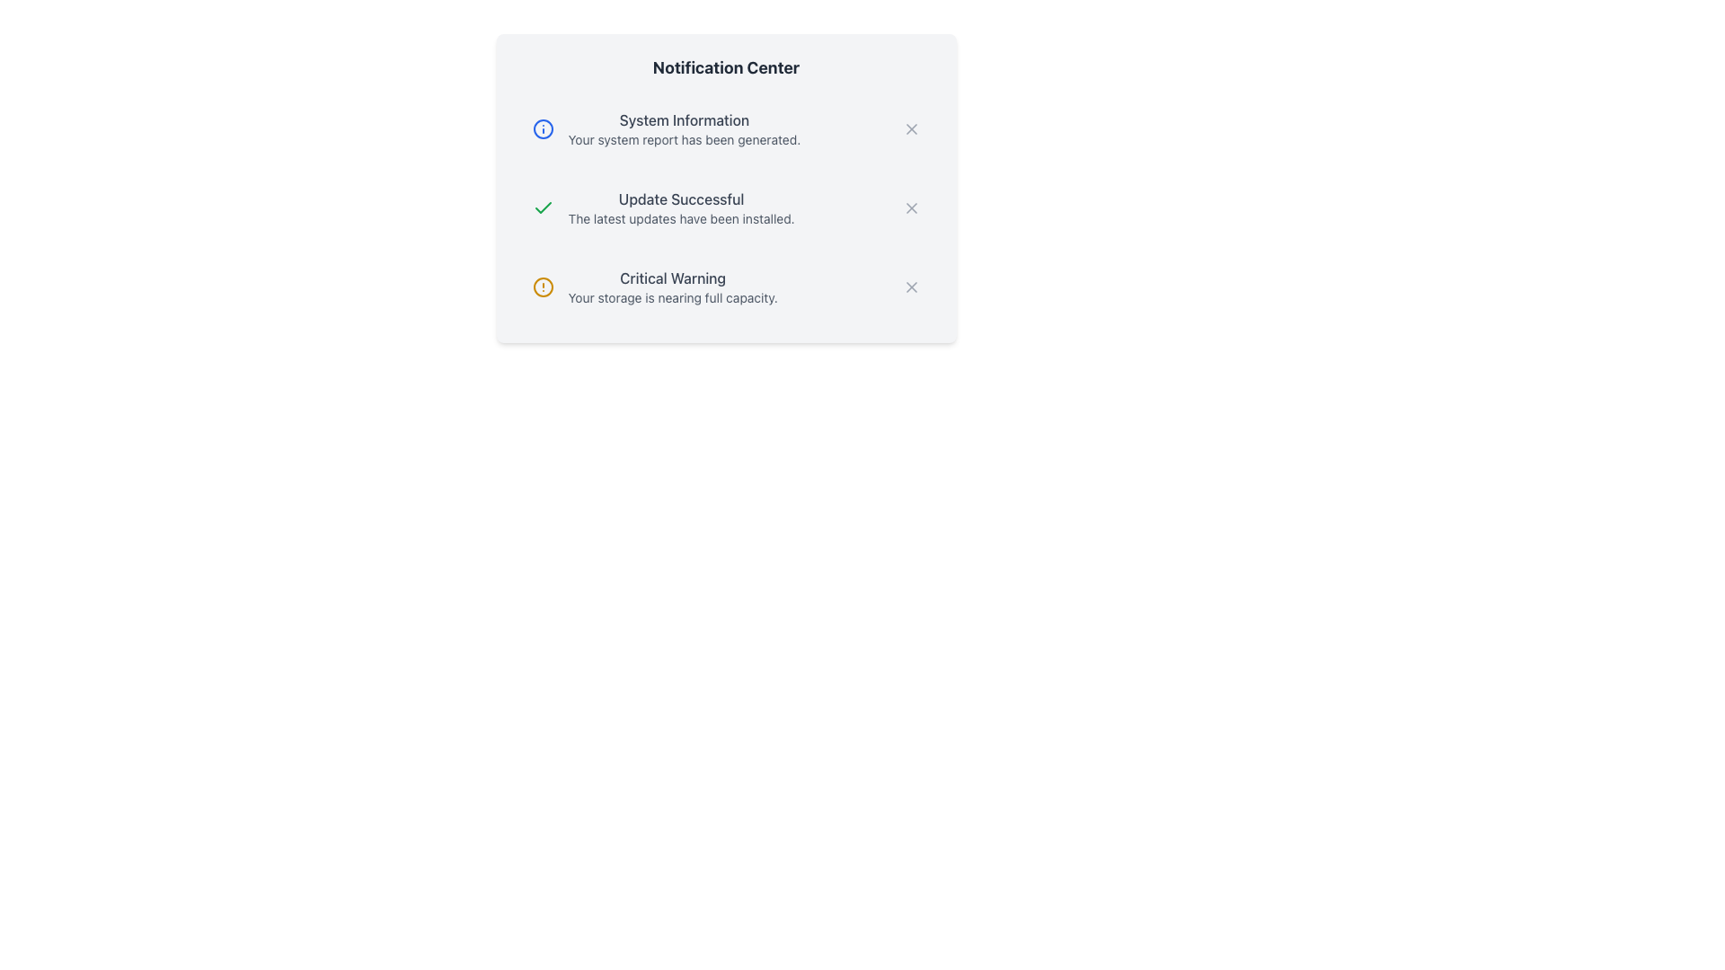 This screenshot has width=1725, height=970. I want to click on the 'X' icon button located in the top-right corner of the notification card, so click(911, 207).